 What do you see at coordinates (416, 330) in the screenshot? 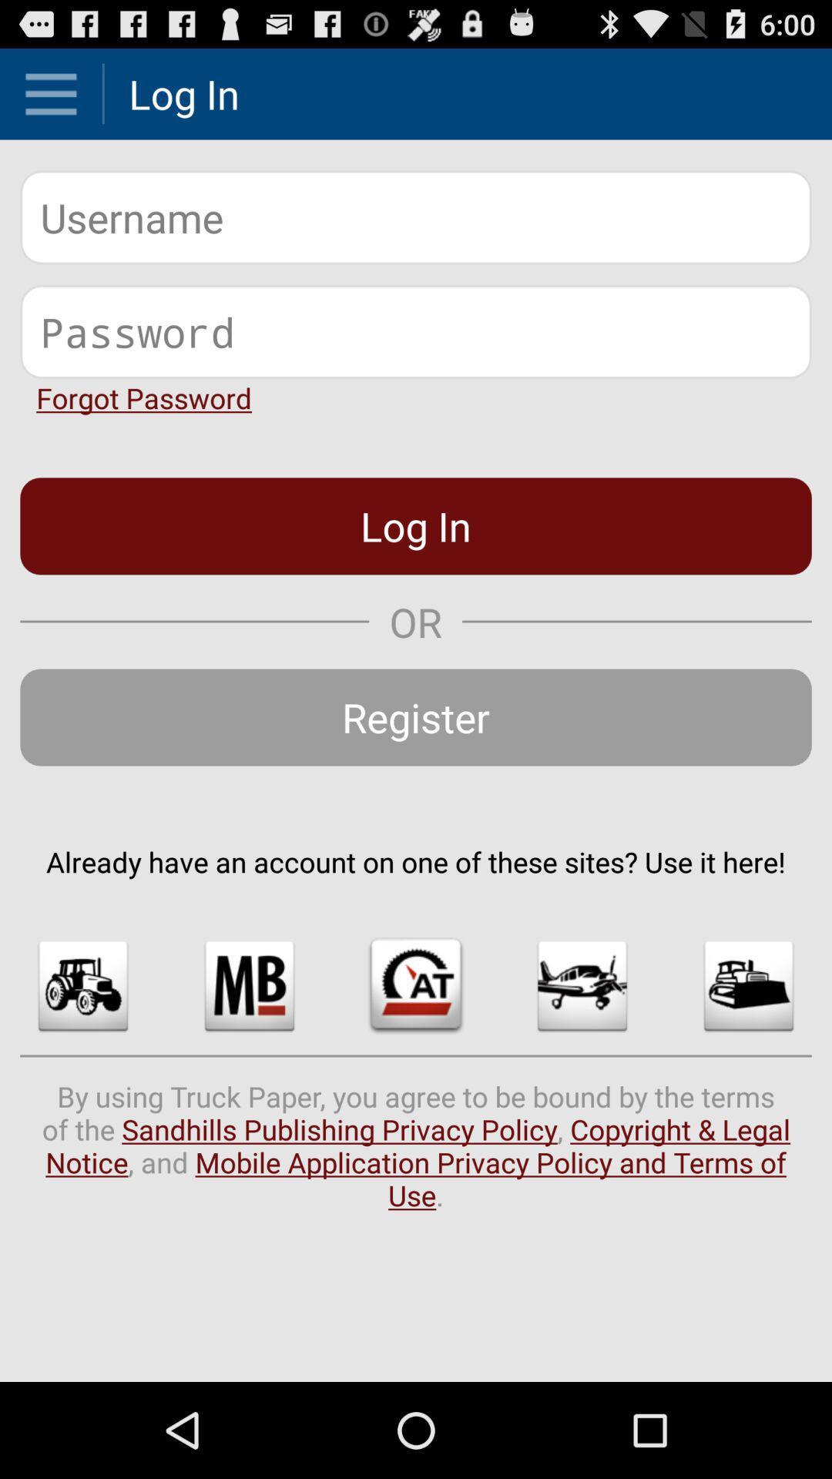
I see `password` at bounding box center [416, 330].